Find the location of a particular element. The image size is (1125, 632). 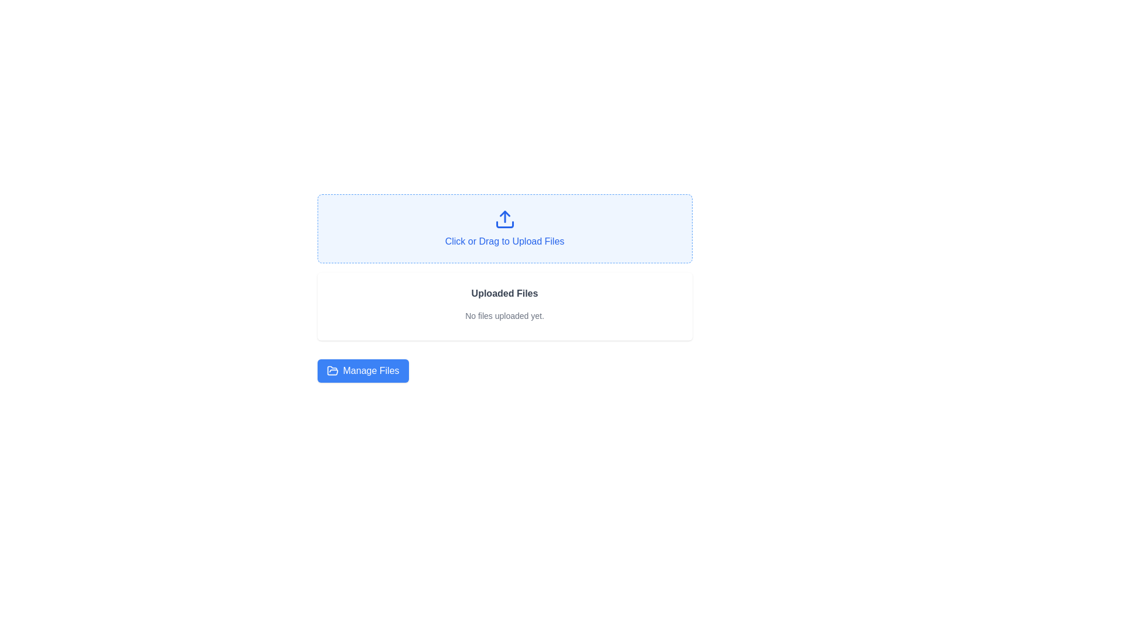

the 'Manage Files' text label within the blue rectangular button, which is located near the bottom center of the user interface and is aligned beside an open folder icon is located at coordinates (370, 370).